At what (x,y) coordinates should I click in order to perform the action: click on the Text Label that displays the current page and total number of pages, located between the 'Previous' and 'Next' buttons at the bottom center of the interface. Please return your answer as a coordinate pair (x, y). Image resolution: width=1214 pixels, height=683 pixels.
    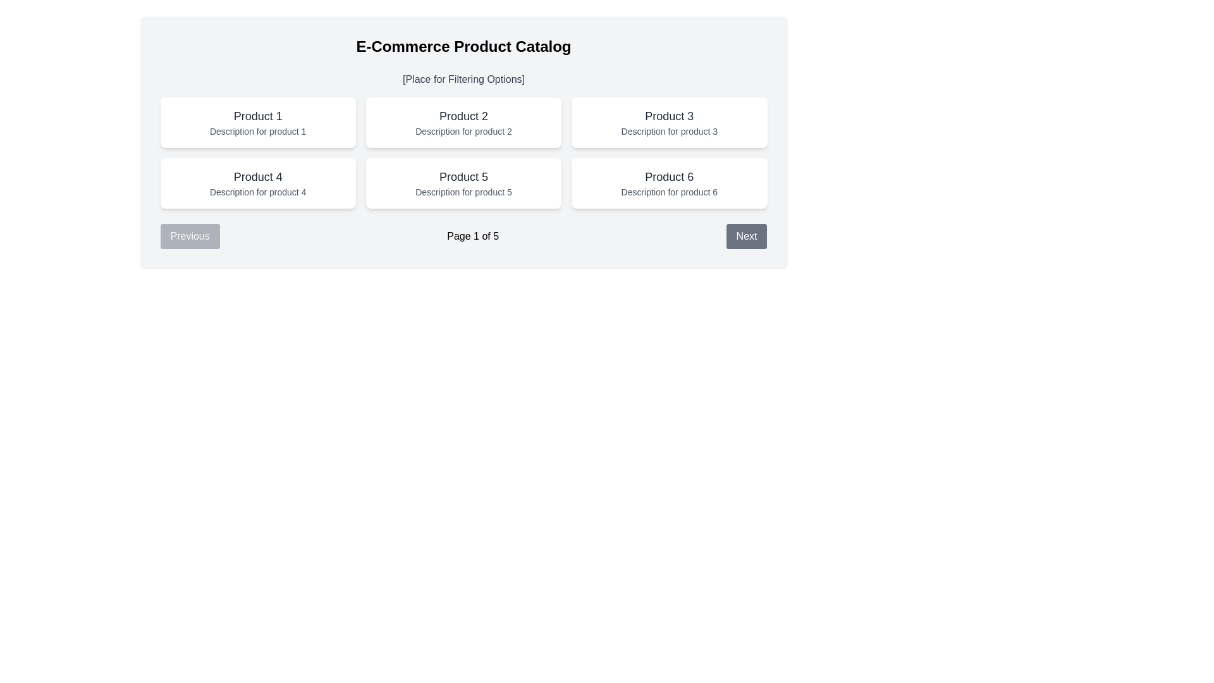
    Looking at the image, I should click on (472, 237).